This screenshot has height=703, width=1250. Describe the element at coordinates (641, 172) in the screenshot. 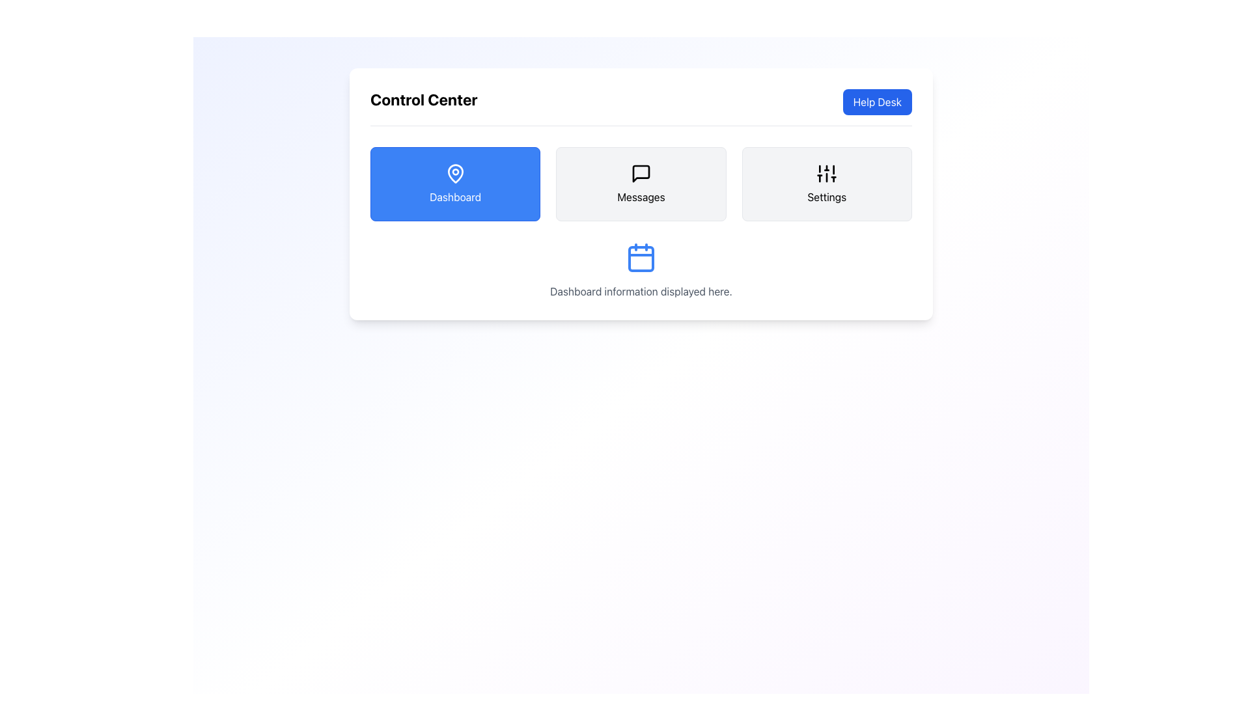

I see `the 'Messages' icon located in the center of the card labeled 'Messages'` at that location.